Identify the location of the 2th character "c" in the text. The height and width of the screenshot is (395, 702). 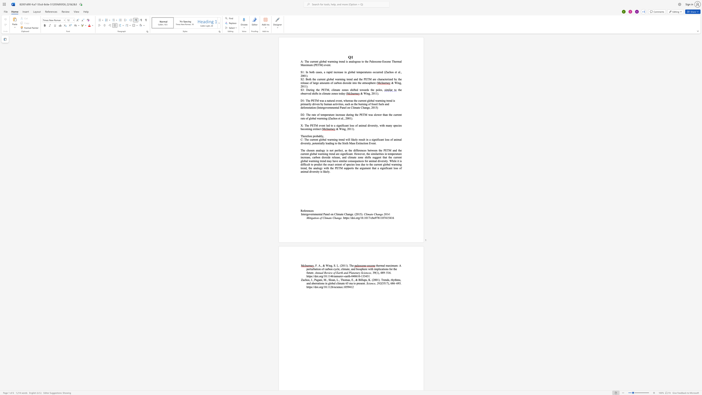
(336, 72).